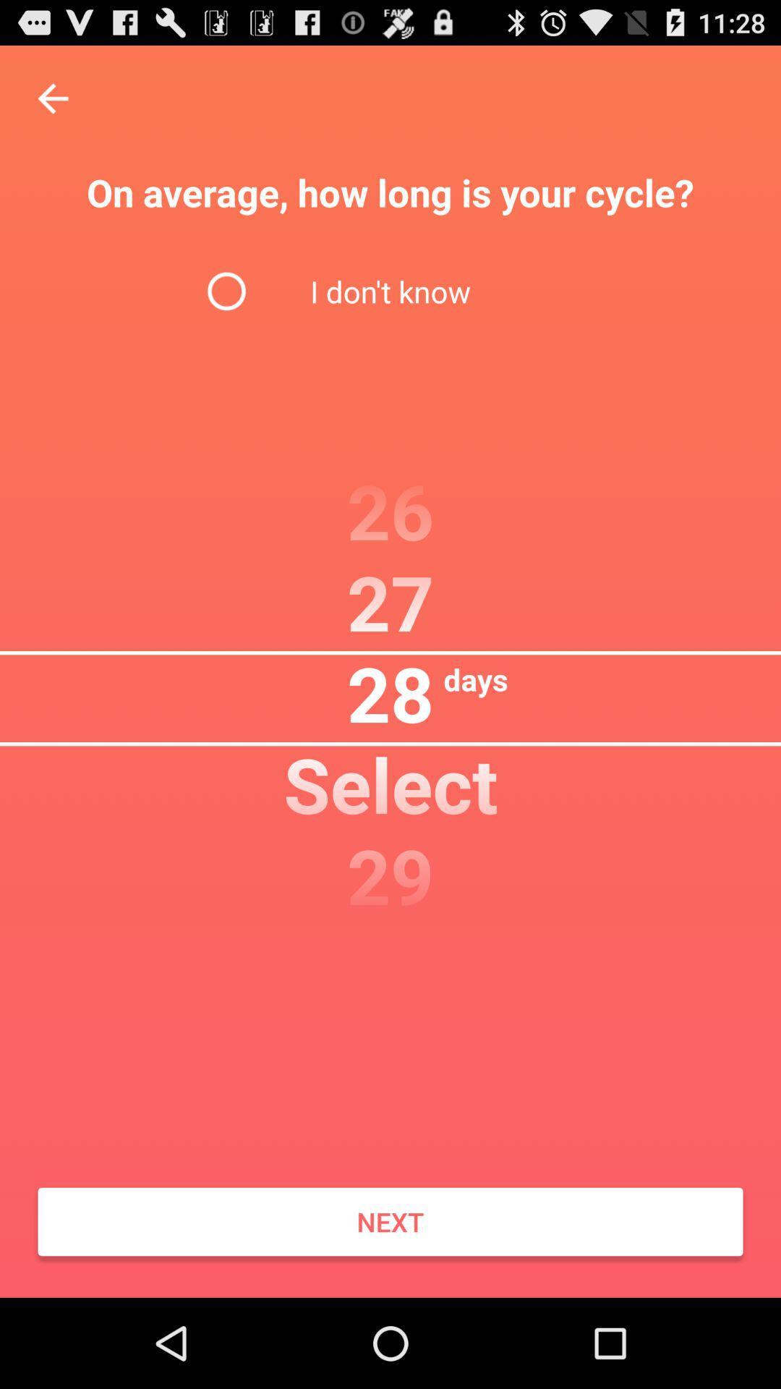 This screenshot has width=781, height=1389. Describe the element at coordinates (390, 290) in the screenshot. I see `i don t` at that location.